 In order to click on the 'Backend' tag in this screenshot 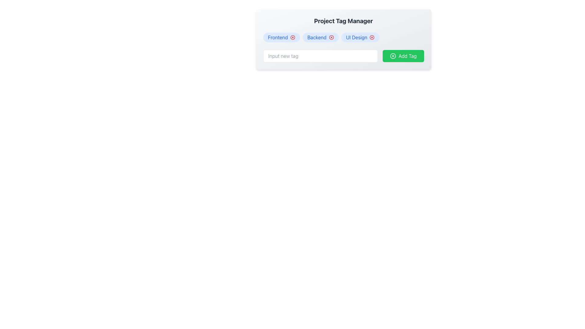, I will do `click(320, 37)`.